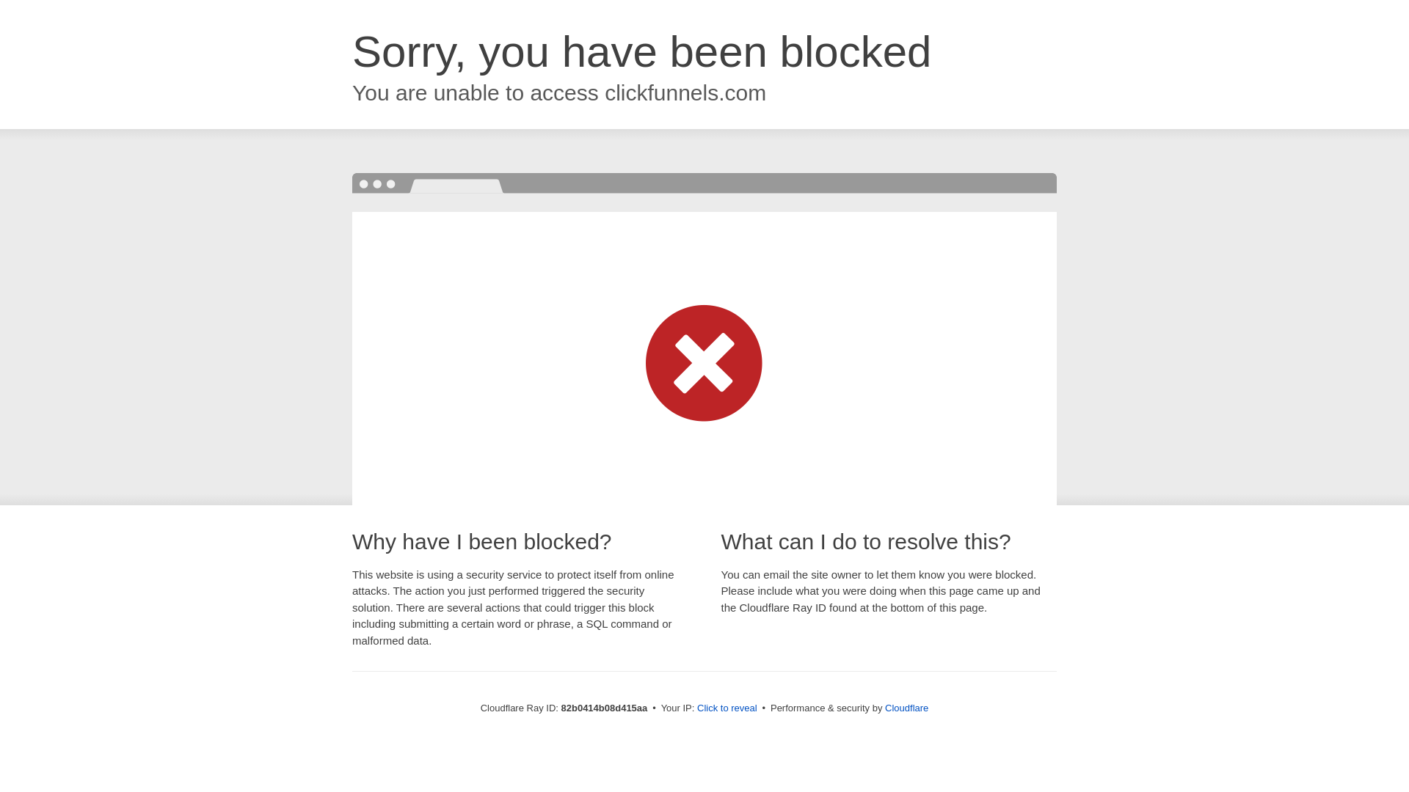  What do you see at coordinates (727, 707) in the screenshot?
I see `'Click to reveal'` at bounding box center [727, 707].